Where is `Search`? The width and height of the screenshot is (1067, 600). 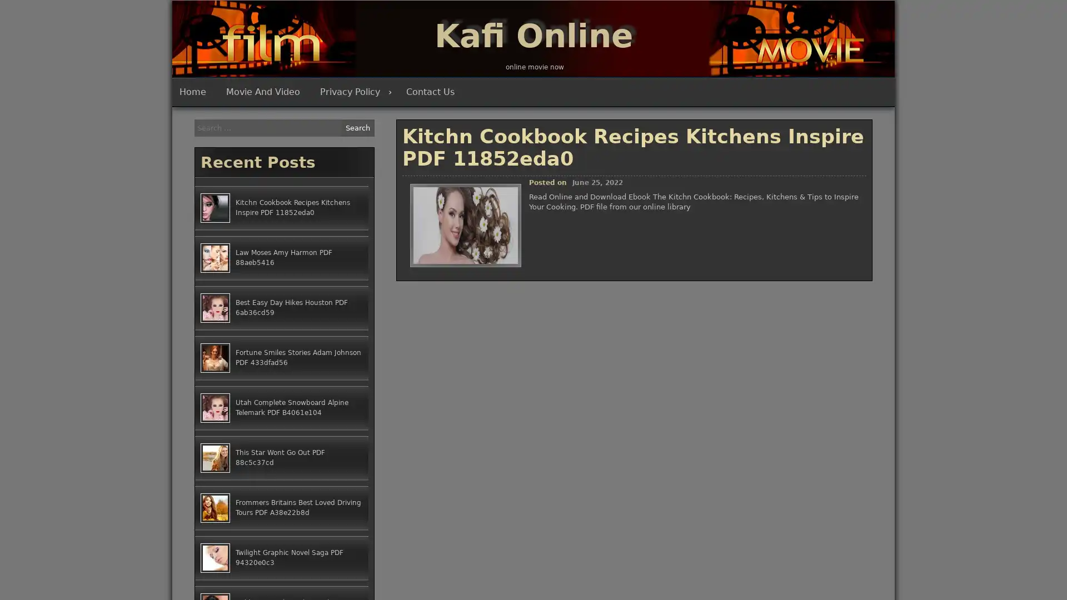 Search is located at coordinates (357, 127).